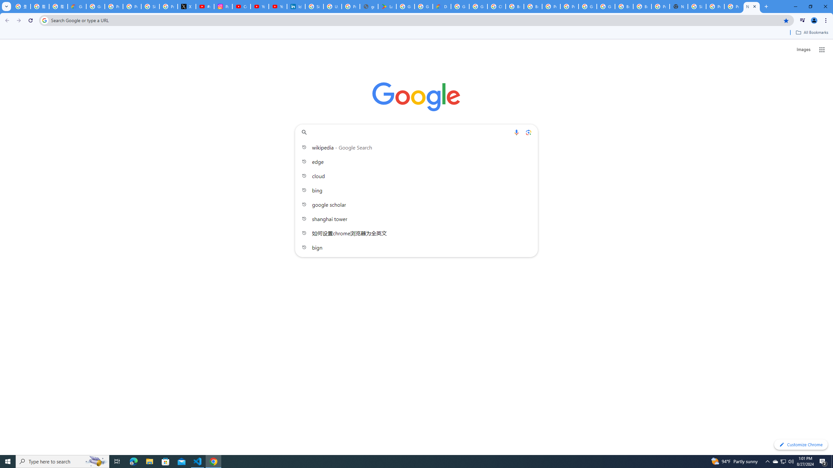  Describe the element at coordinates (752, 6) in the screenshot. I see `'New Tab'` at that location.